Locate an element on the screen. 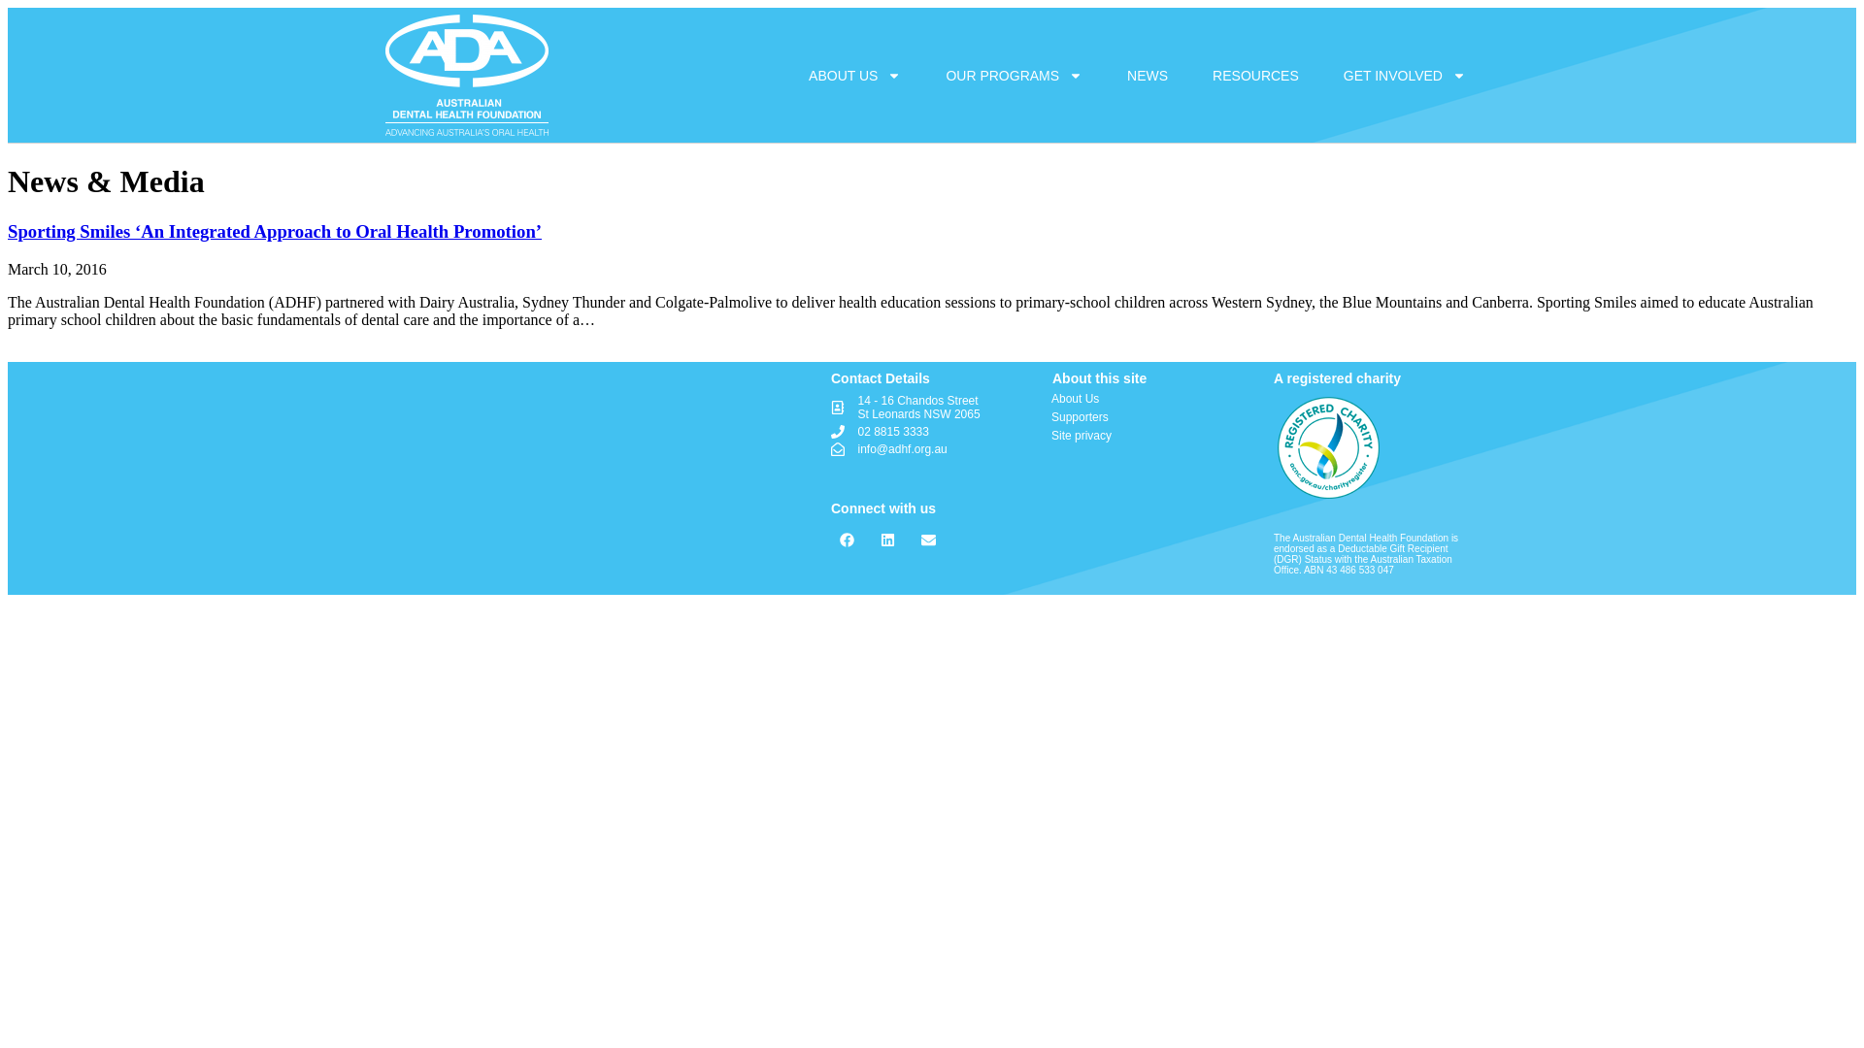  'info@adhf.org.au' is located at coordinates (932, 448).